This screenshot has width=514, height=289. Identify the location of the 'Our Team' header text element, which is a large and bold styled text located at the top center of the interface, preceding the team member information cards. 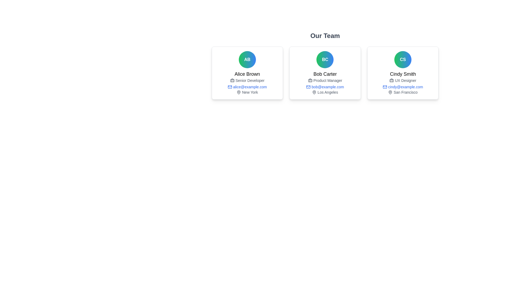
(325, 36).